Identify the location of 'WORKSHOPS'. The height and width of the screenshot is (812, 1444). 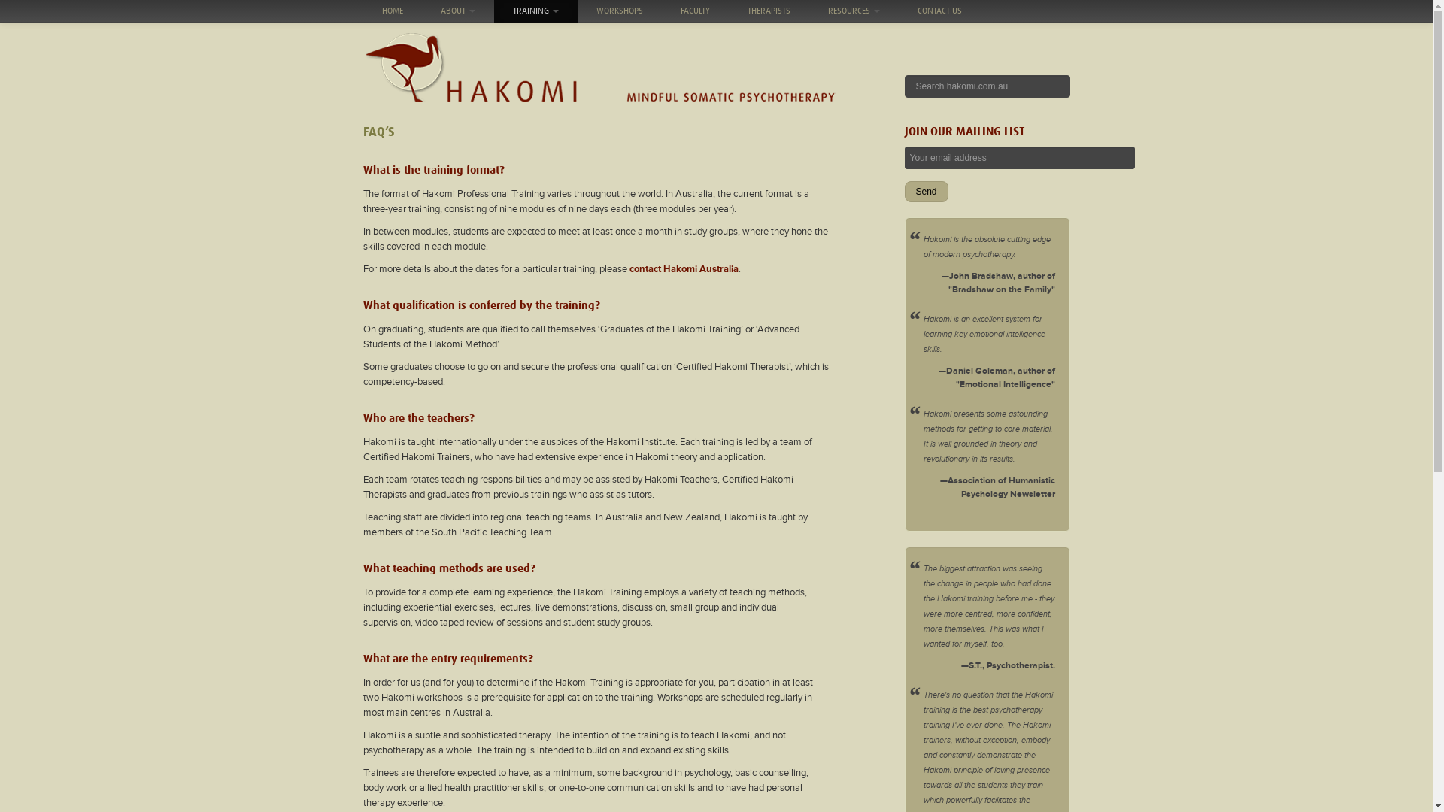
(577, 11).